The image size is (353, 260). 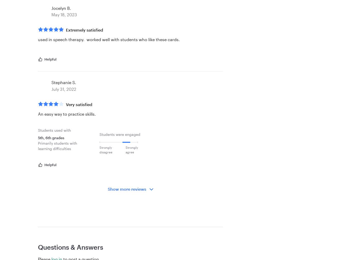 I want to click on 'Jocelyn B.', so click(x=51, y=8).